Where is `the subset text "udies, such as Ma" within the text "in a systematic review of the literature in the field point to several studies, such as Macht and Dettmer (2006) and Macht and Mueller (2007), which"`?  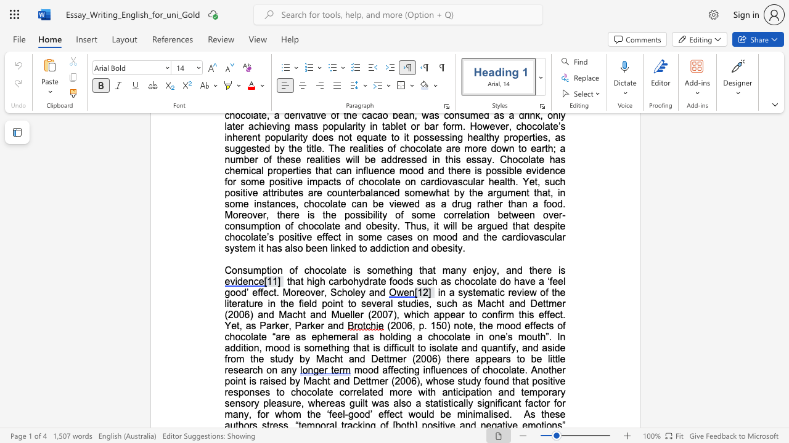
the subset text "udies, such as Ma" within the text "in a systematic review of the literature in the field point to several studies, such as Macht and Dettmer (2006) and Macht and Mueller (2007), which" is located at coordinates (405, 303).